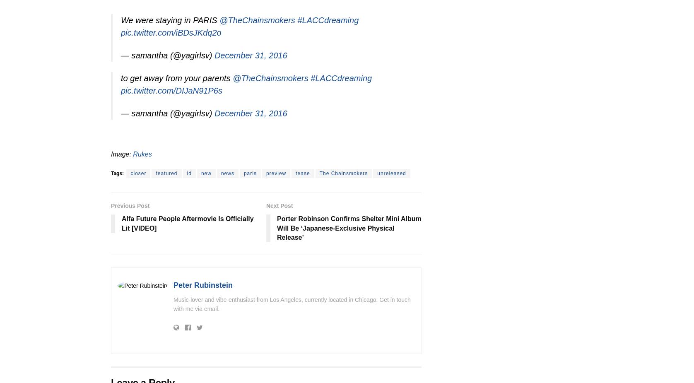 The width and height of the screenshot is (694, 383). Describe the element at coordinates (275, 173) in the screenshot. I see `'preview'` at that location.